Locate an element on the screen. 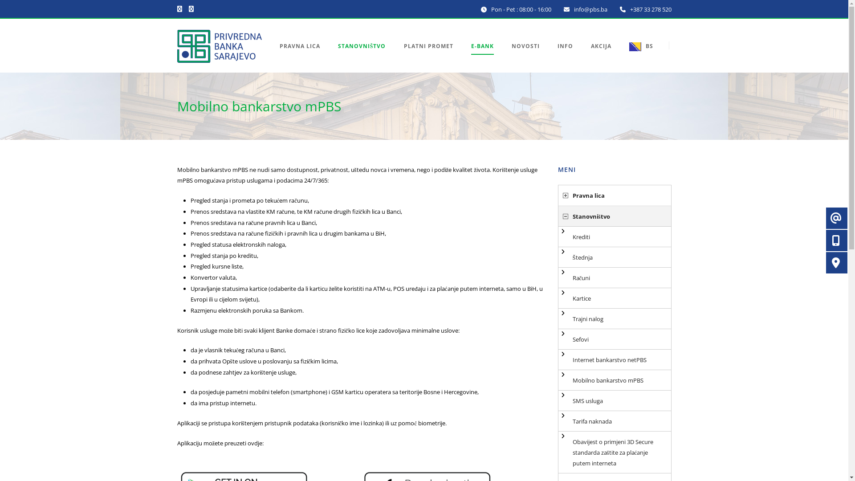  'AKCIJA' is located at coordinates (600, 57).